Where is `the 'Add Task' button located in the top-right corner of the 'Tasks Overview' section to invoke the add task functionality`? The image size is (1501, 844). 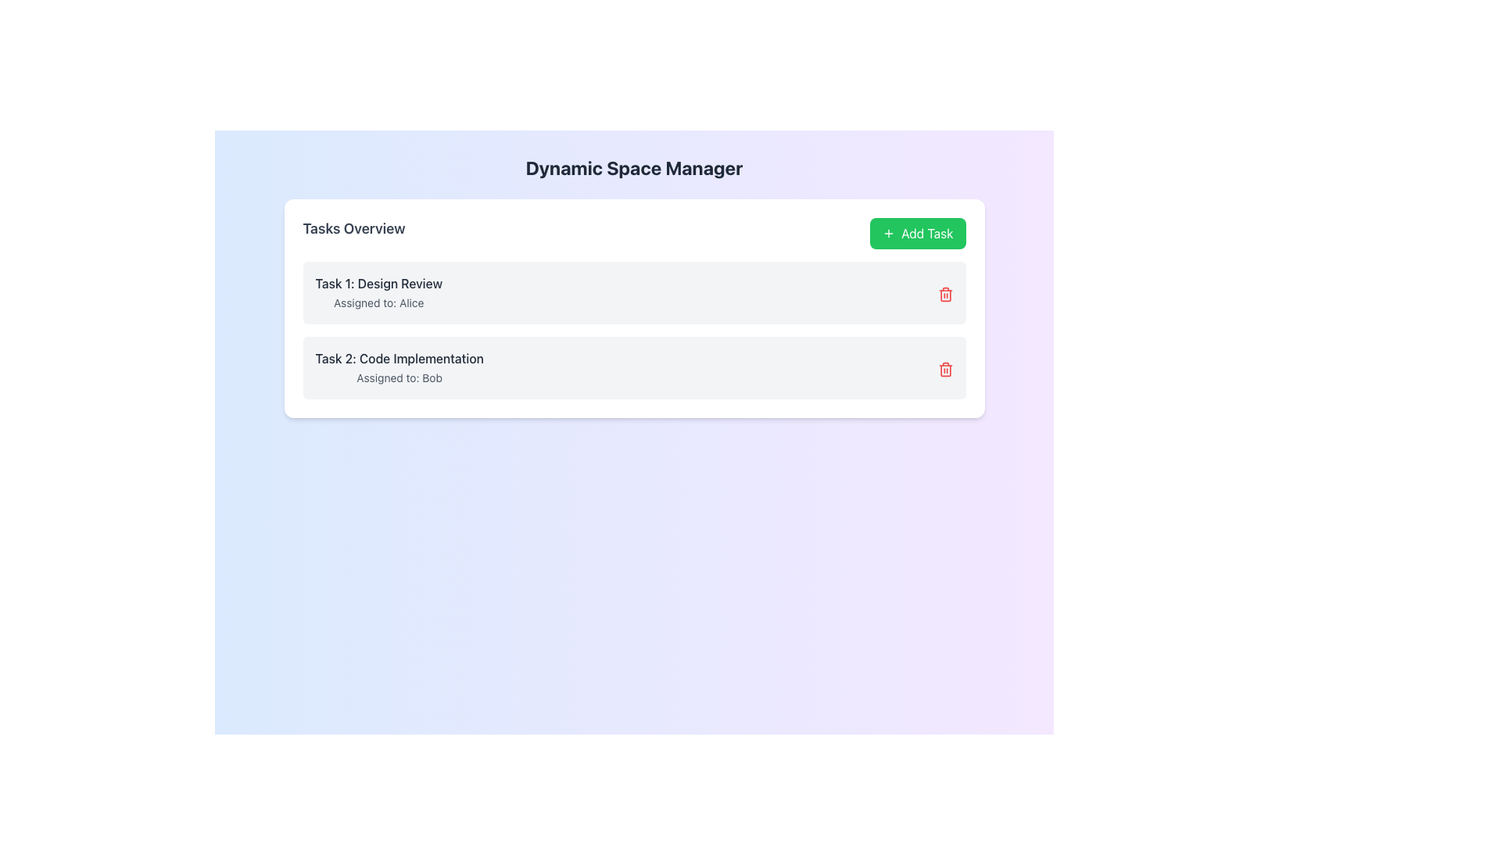 the 'Add Task' button located in the top-right corner of the 'Tasks Overview' section to invoke the add task functionality is located at coordinates (918, 234).